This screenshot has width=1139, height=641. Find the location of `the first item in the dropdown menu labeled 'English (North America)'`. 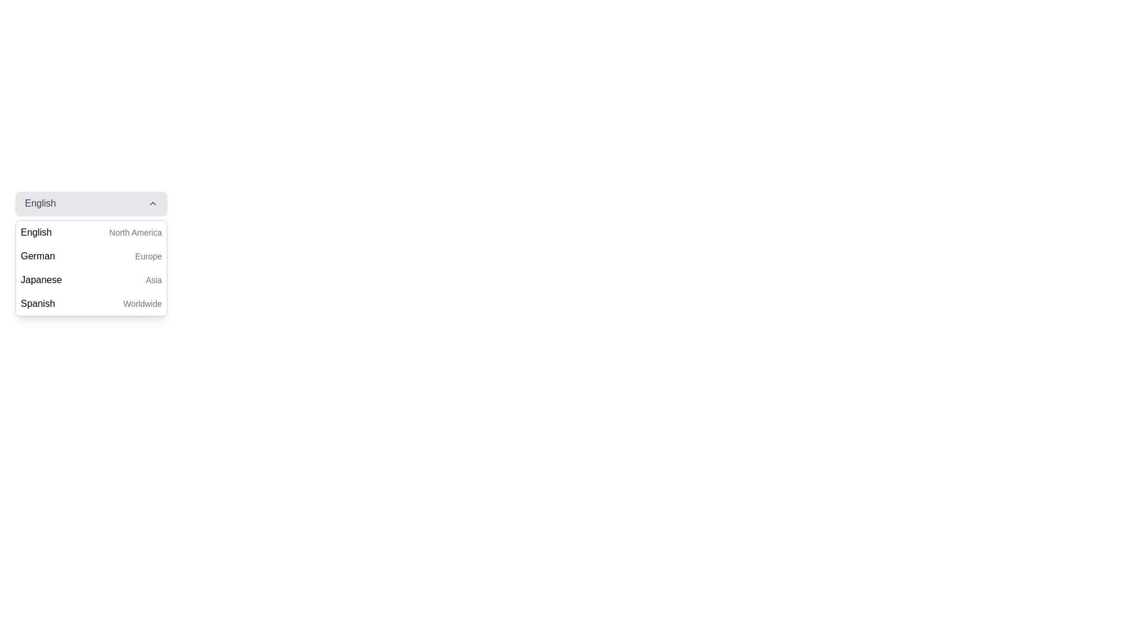

the first item in the dropdown menu labeled 'English (North America)' is located at coordinates (90, 233).